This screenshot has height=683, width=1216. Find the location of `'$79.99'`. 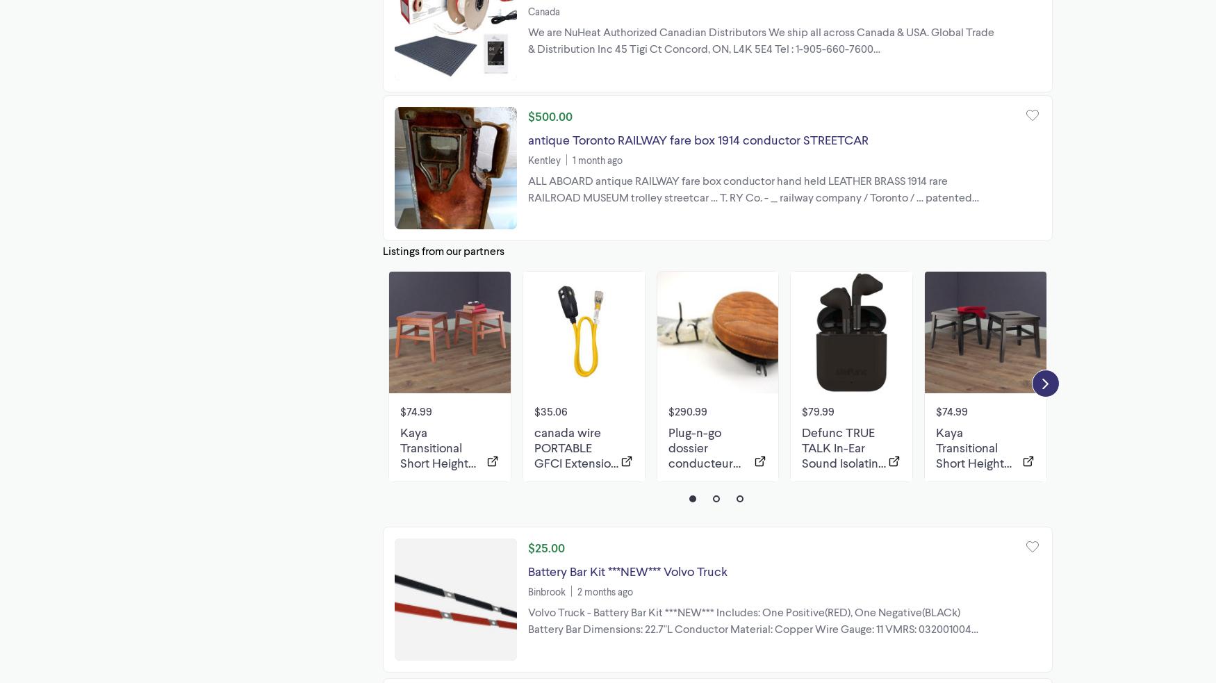

'$79.99' is located at coordinates (800, 410).